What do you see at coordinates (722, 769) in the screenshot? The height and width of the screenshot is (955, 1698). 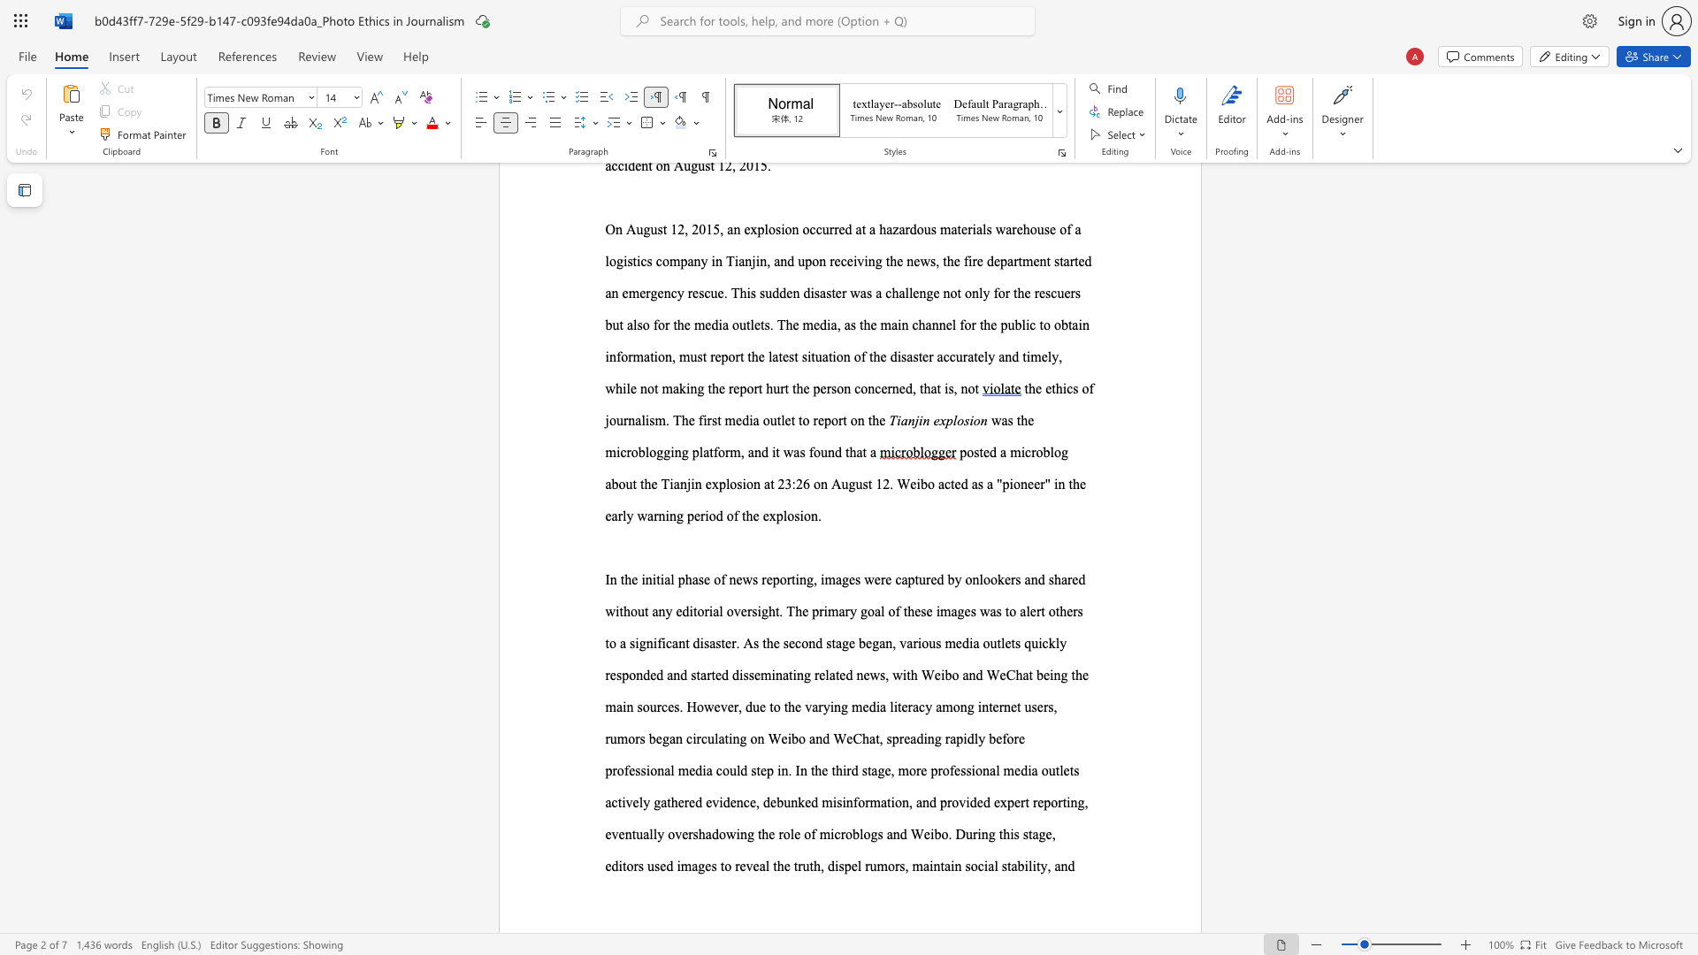 I see `the subset text "ould step in. In the third stage, more professional media outlets actively gathered evidence, debunked misinformation, and provided expert reporting, eventually overshadowing the role of microblogs and Weibo. During this s" within the text "related news, with Weibo and WeChat being the main sources. However, due to the varying media literacy among internet users, rumors began circulating on Weibo and WeChat, spreading rapidly before professional media could step in. In the third stage, more professional media outlets actively gathered evidence, debunked misinformation, and provided expert reporting, eventually overshadowing the role of microblogs and Weibo. During this stage, editors used images to reveal the truth, dispel rumors,"` at bounding box center [722, 769].